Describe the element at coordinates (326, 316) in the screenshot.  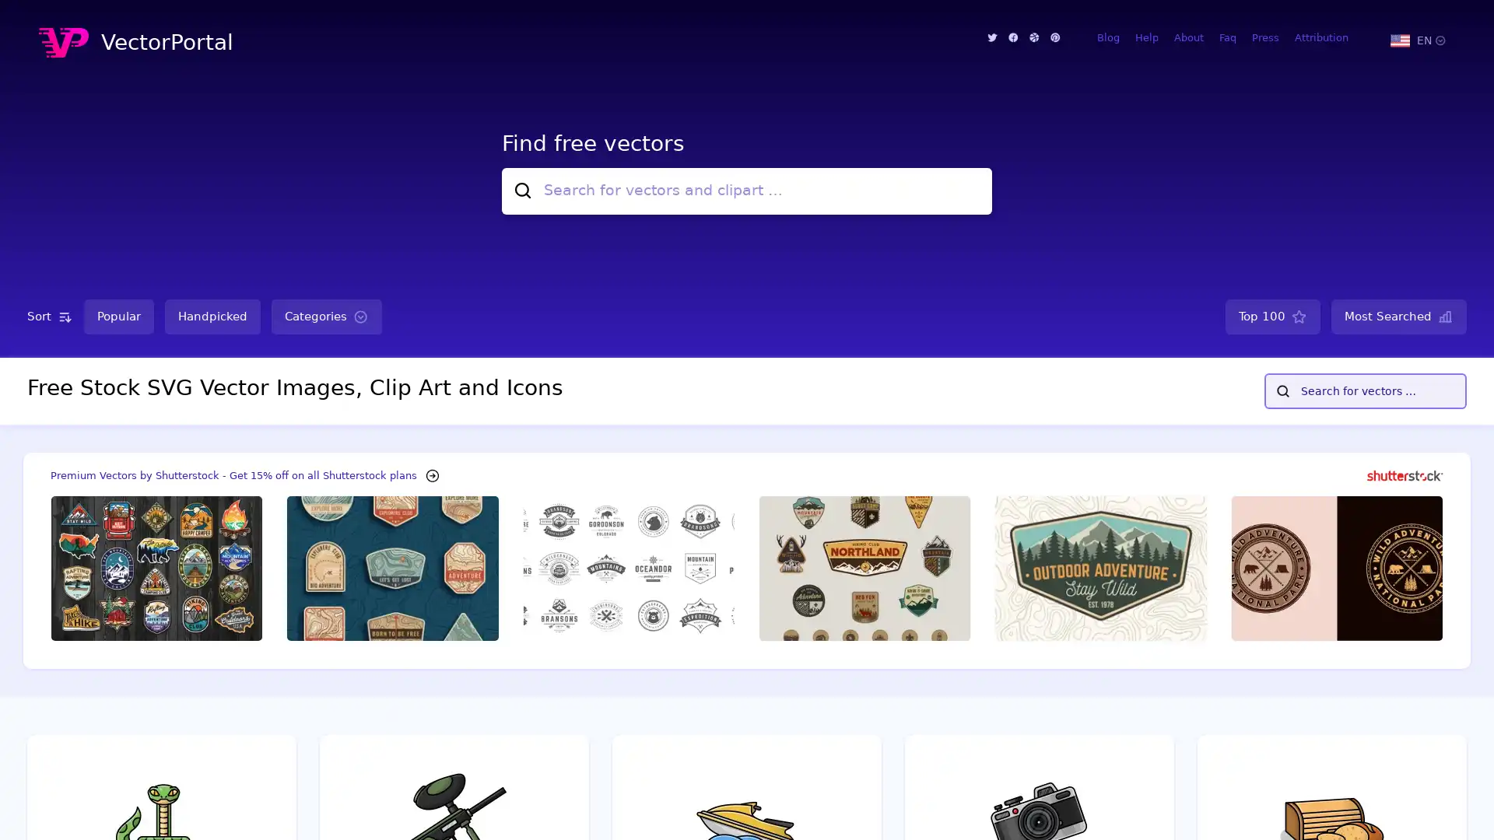
I see `Categories` at that location.